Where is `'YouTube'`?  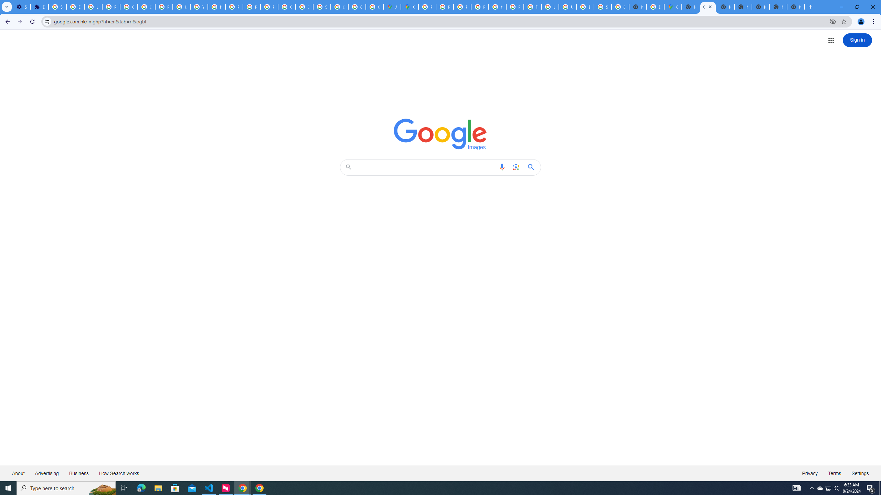
'YouTube' is located at coordinates (497, 7).